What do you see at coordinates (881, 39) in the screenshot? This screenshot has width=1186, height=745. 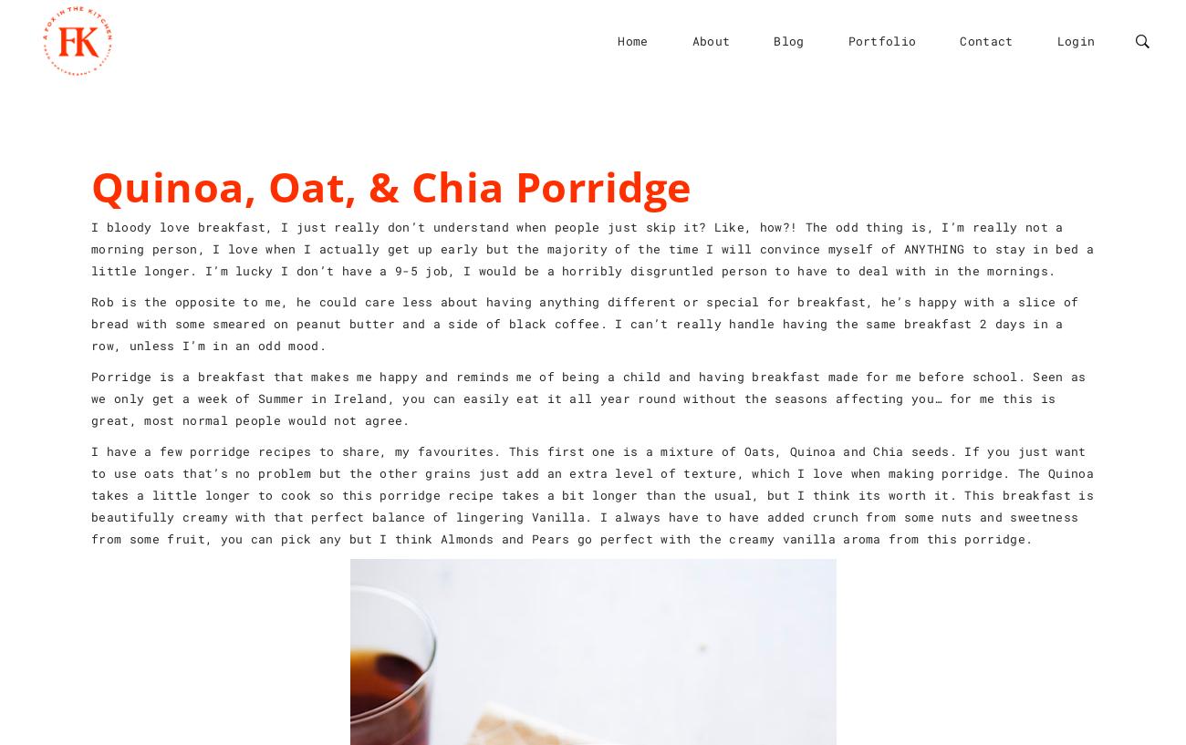 I see `'Portfolio'` at bounding box center [881, 39].